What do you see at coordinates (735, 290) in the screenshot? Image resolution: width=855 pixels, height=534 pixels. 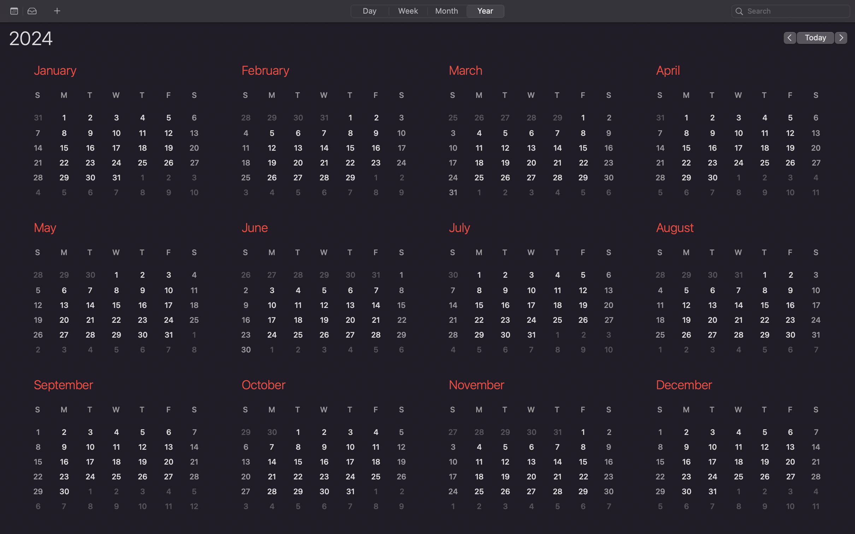 I see `the August month from the calendar` at bounding box center [735, 290].